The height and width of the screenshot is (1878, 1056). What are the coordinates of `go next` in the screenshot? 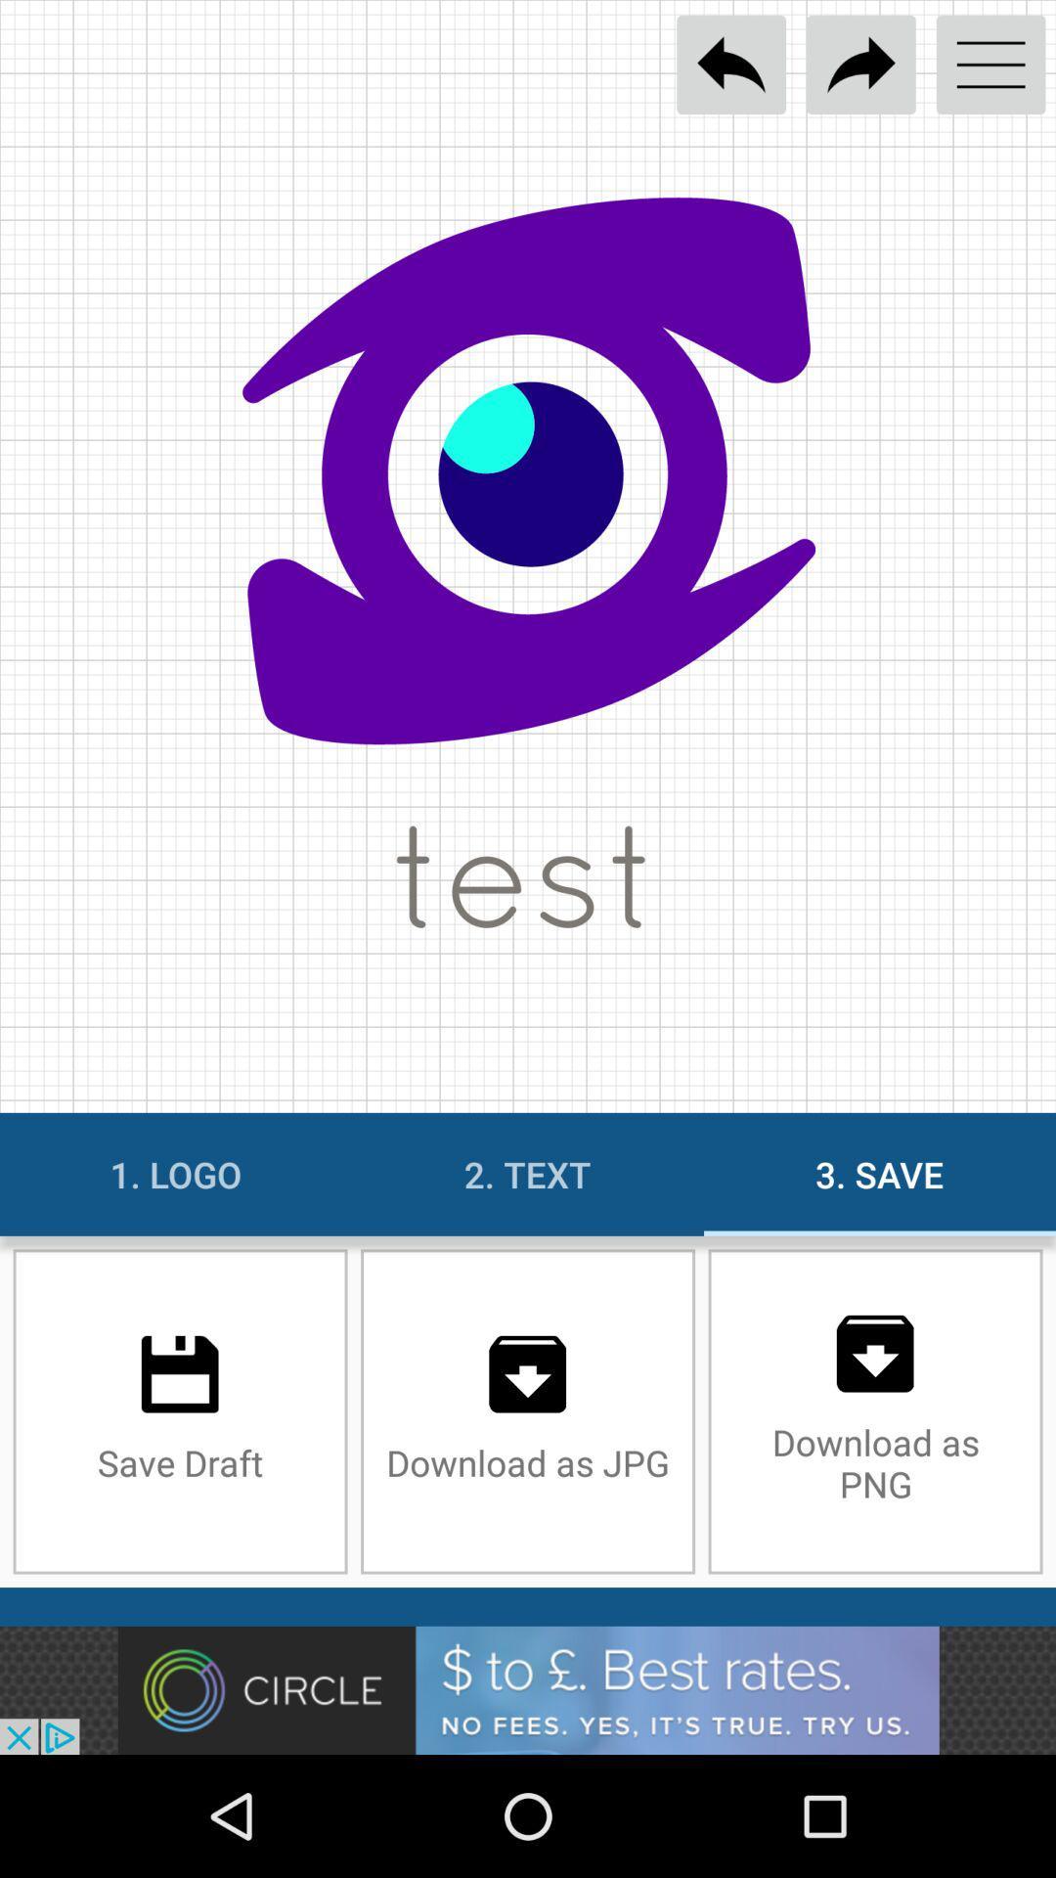 It's located at (859, 65).